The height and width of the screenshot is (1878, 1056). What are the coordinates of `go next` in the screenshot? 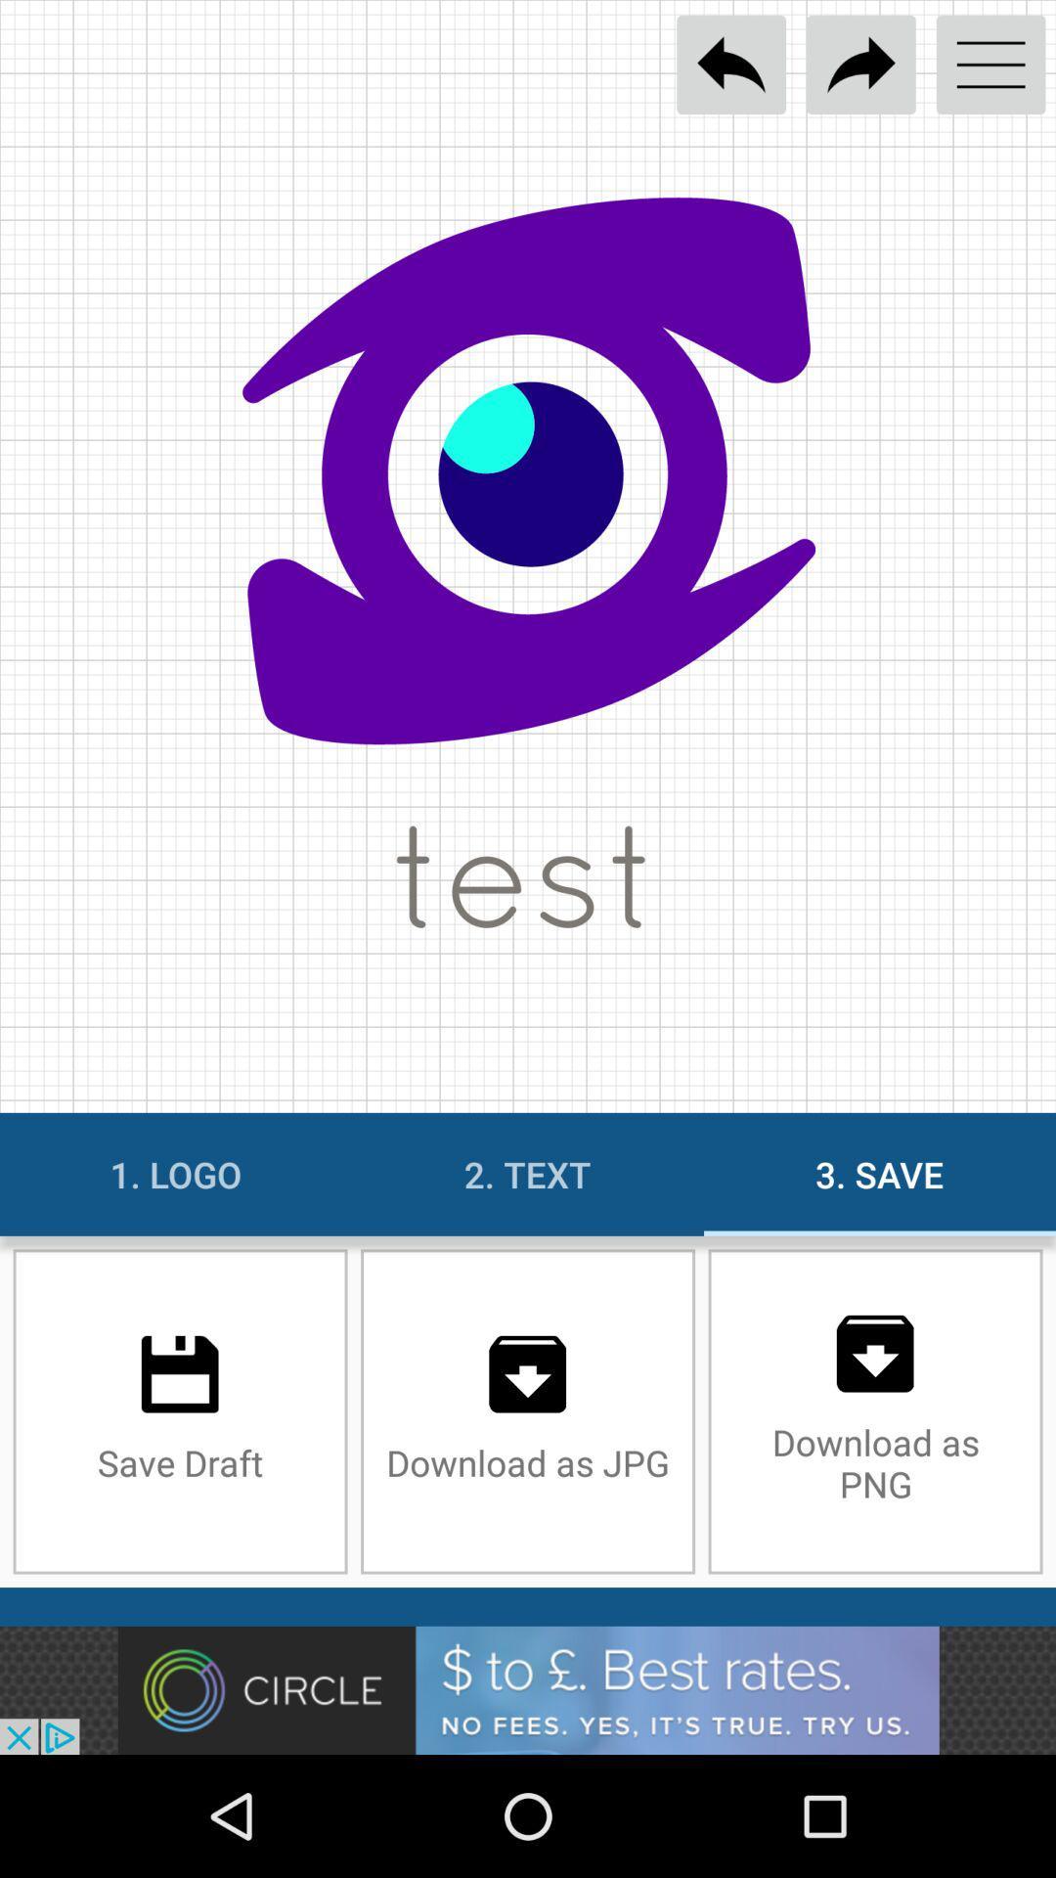 It's located at (859, 65).